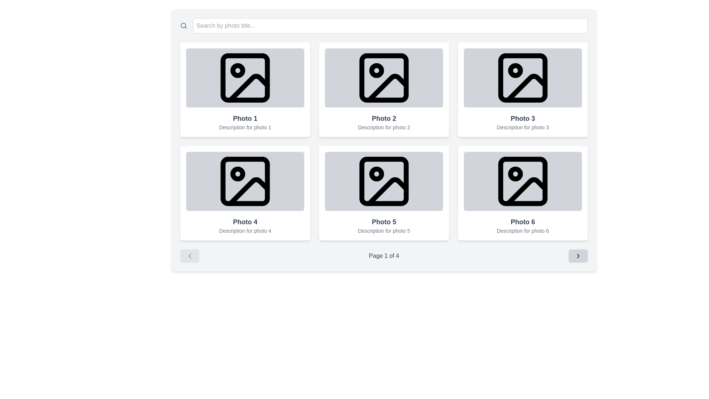  What do you see at coordinates (384, 181) in the screenshot?
I see `the rounded rectangle with a grayscale background located inside the photo frame icon of 'Photo 5', which is positioned in the upper-left corner of the icon` at bounding box center [384, 181].